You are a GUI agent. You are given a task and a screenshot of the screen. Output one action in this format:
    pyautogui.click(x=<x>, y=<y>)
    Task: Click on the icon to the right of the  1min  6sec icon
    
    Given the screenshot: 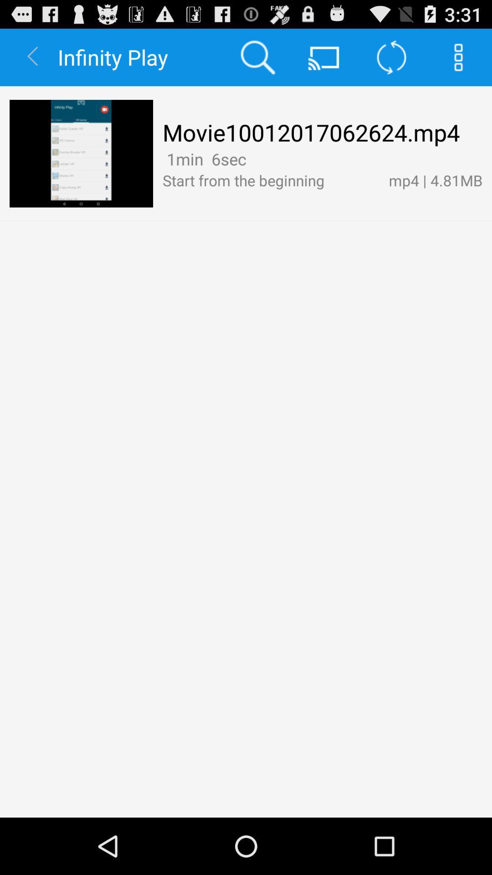 What is the action you would take?
    pyautogui.click(x=253, y=159)
    